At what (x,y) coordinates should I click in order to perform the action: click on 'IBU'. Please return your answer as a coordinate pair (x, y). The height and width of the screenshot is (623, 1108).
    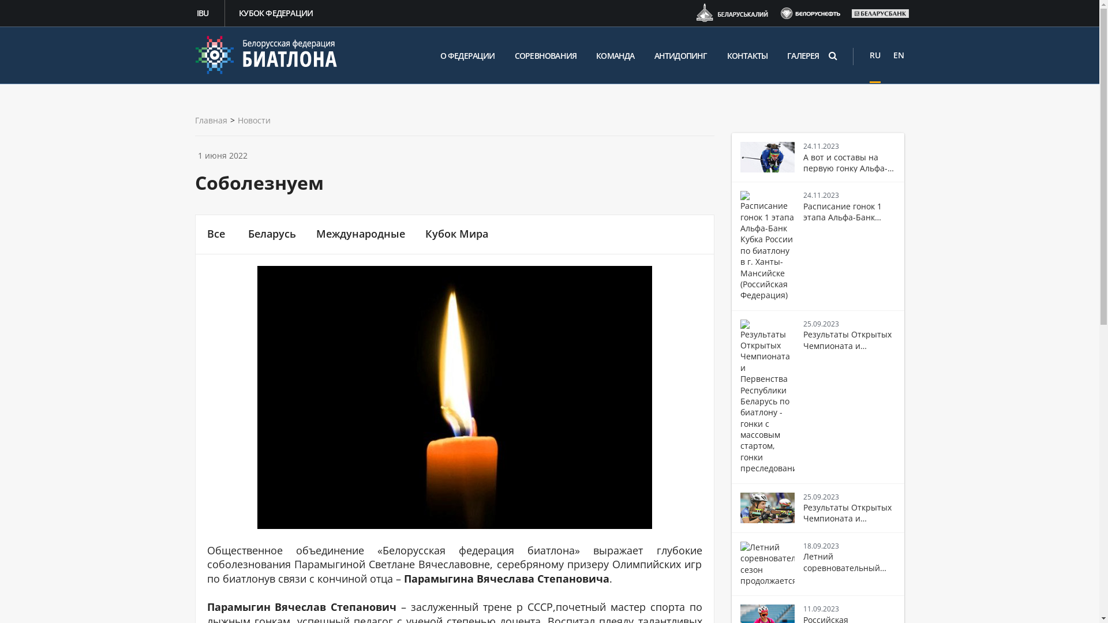
    Looking at the image, I should click on (204, 13).